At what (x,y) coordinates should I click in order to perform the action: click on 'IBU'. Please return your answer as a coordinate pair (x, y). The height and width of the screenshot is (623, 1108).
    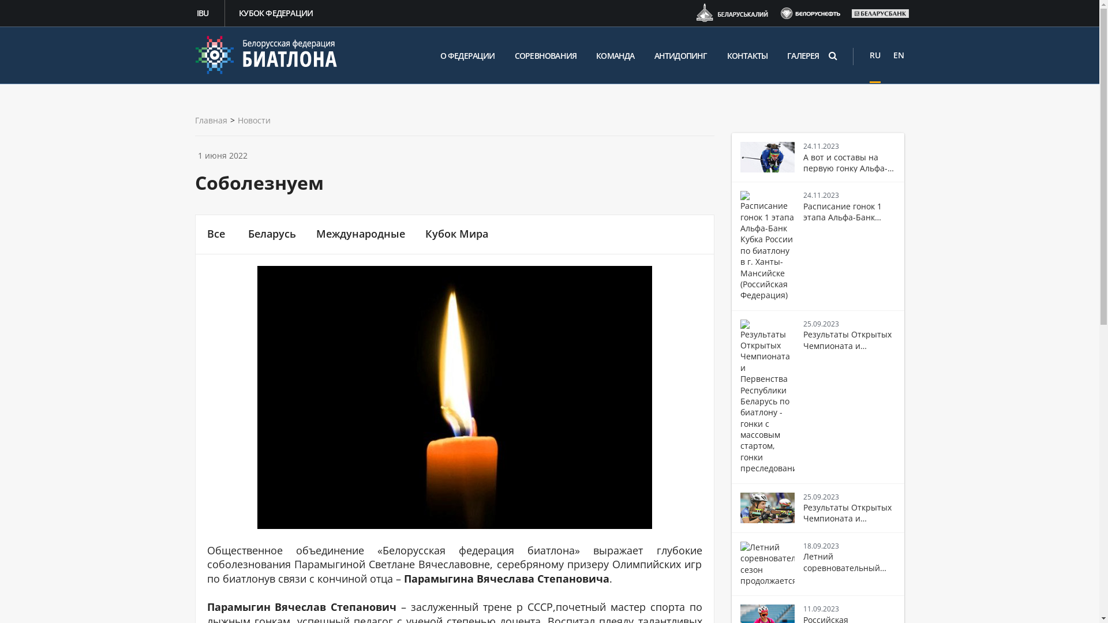
    Looking at the image, I should click on (204, 13).